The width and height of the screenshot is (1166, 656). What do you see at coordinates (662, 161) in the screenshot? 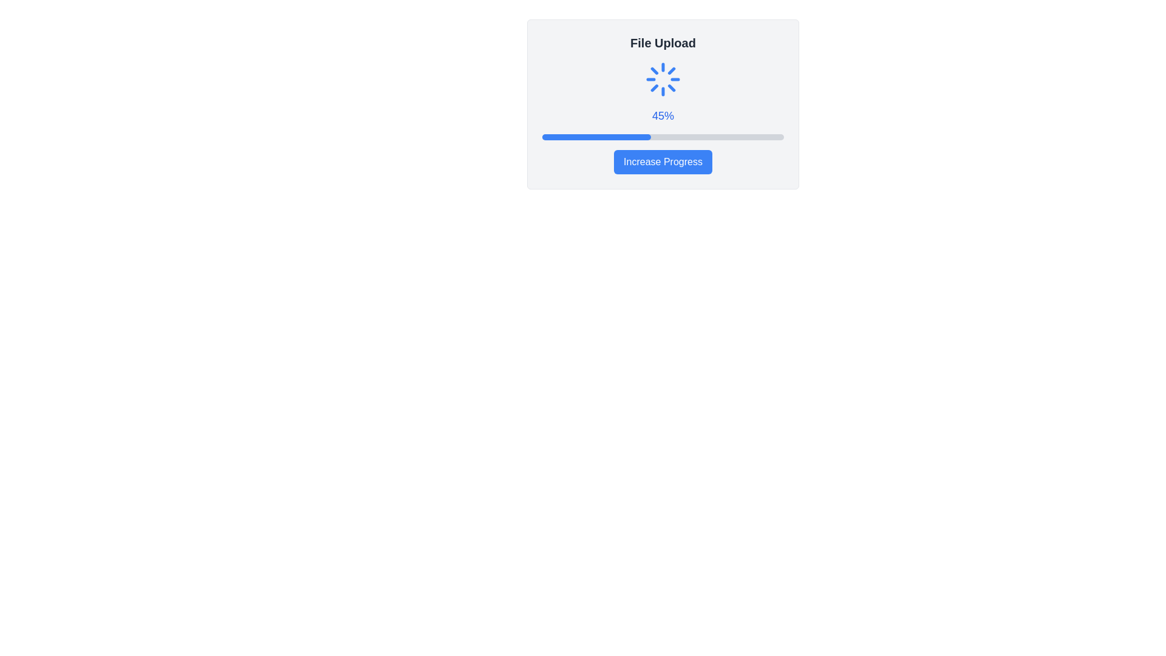
I see `the rectangular blue button labeled 'Increase Progress'` at bounding box center [662, 161].